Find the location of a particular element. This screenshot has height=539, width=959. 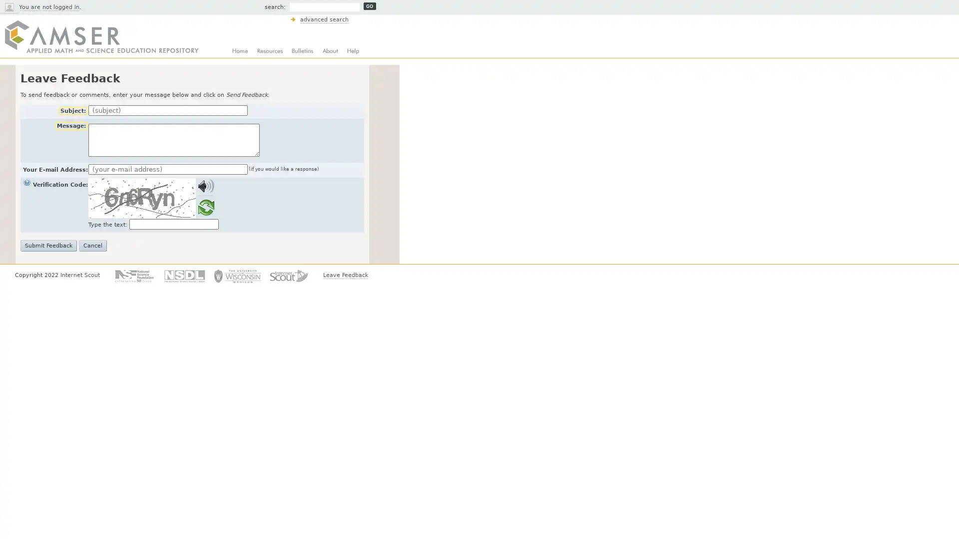

Submit is located at coordinates (369, 6).